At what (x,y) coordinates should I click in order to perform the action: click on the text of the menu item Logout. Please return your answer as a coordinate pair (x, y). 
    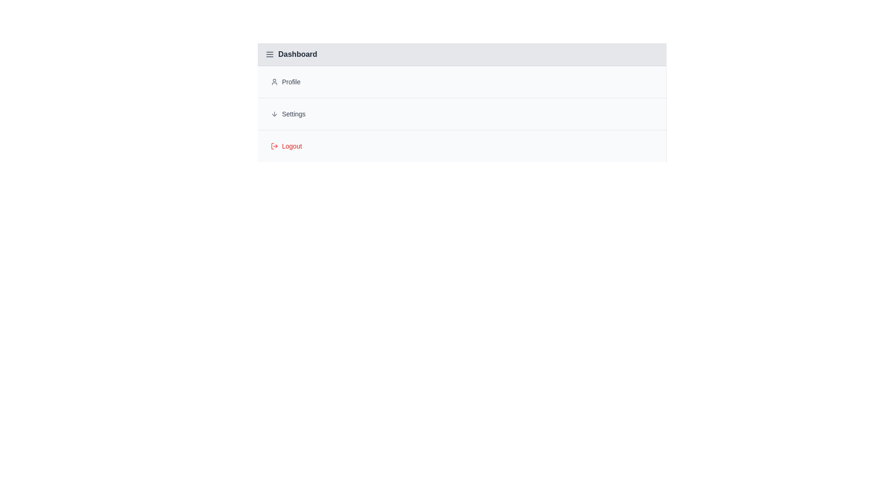
    Looking at the image, I should click on (461, 146).